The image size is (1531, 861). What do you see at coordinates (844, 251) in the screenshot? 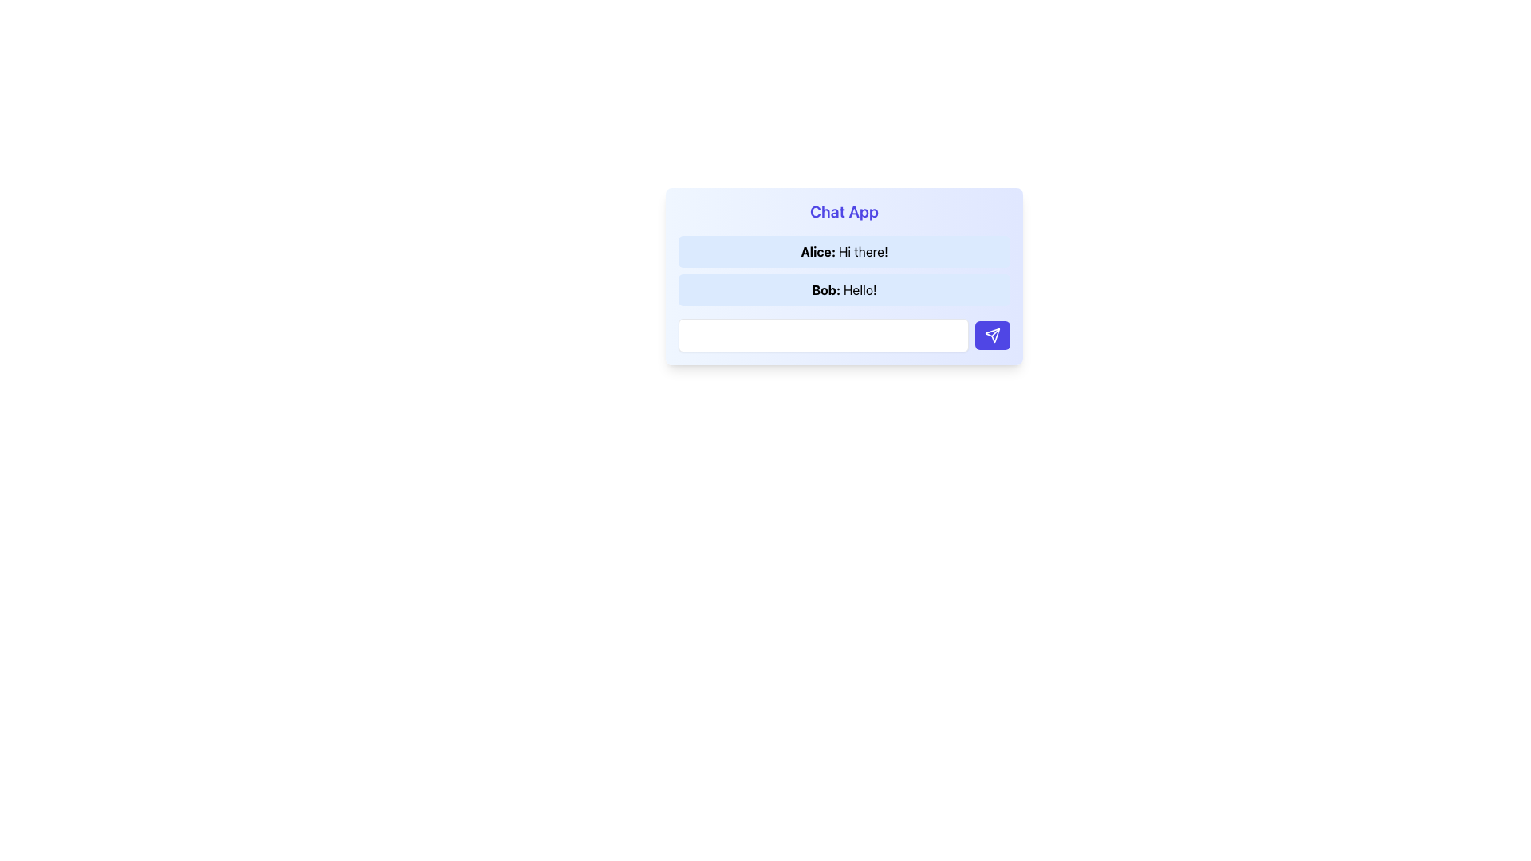
I see `the first chat message box with the text 'Alice: Hi there!' to interact with it, if functionality is added` at bounding box center [844, 251].